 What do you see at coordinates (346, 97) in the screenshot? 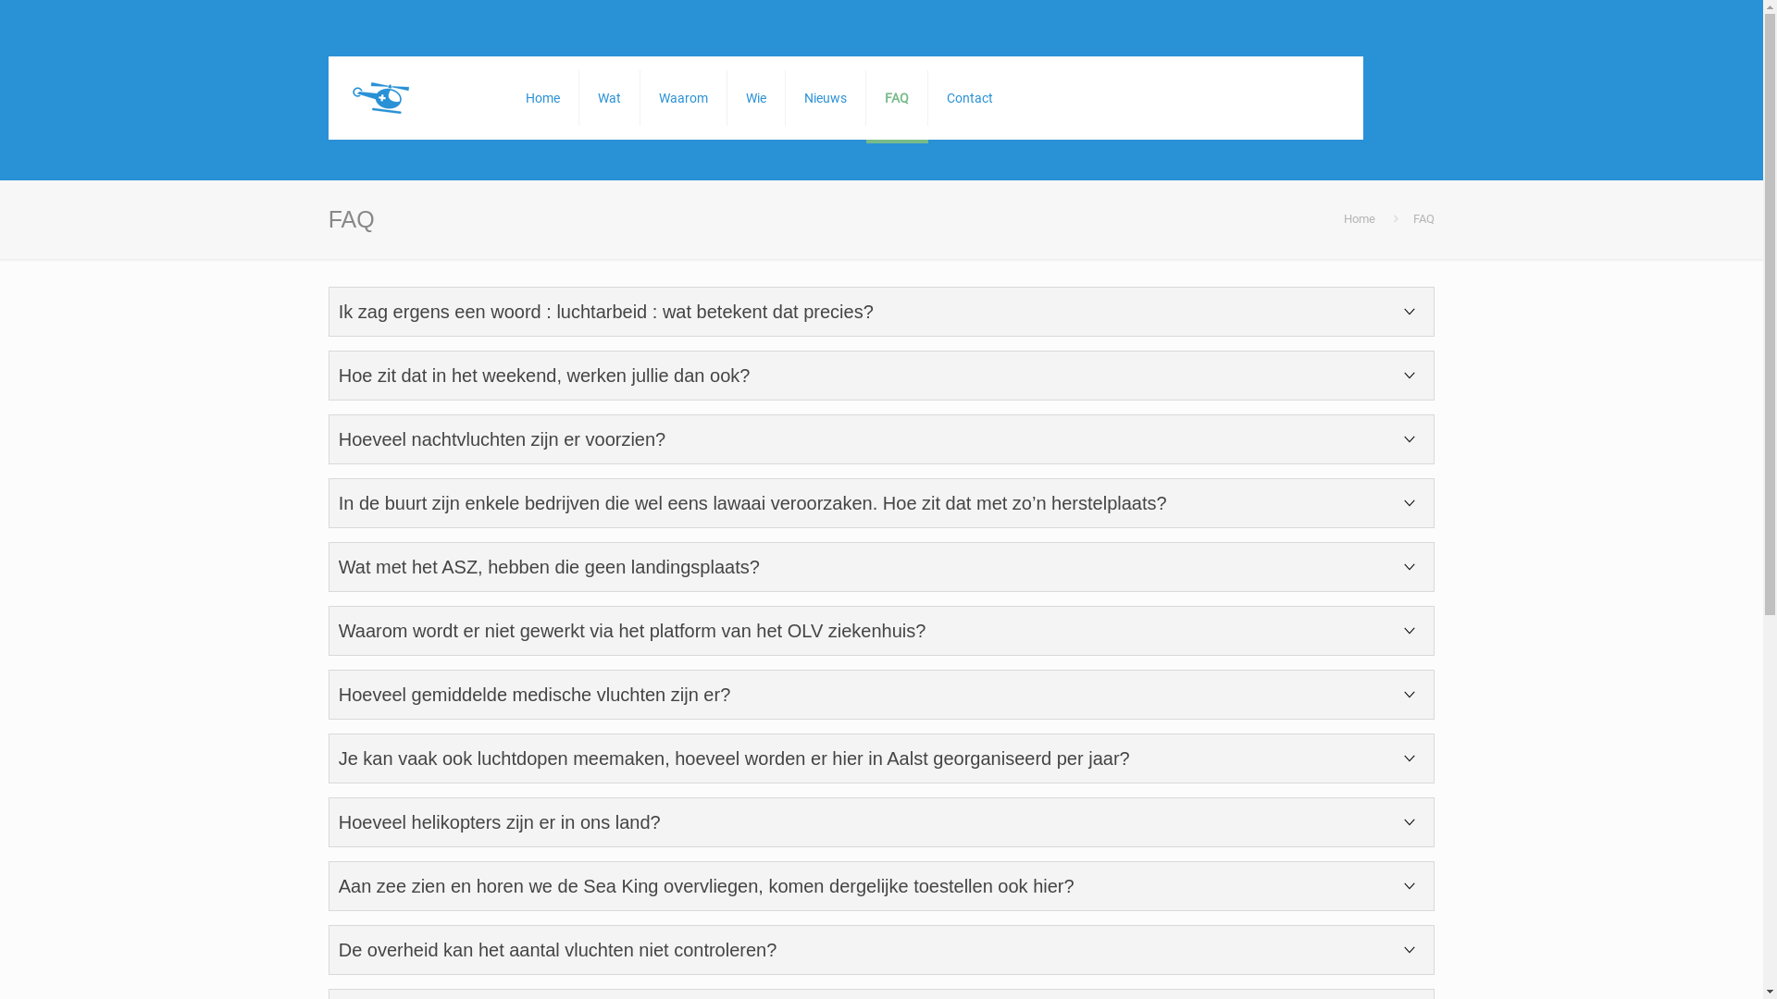
I see `'Heli Haven Aalst'` at bounding box center [346, 97].